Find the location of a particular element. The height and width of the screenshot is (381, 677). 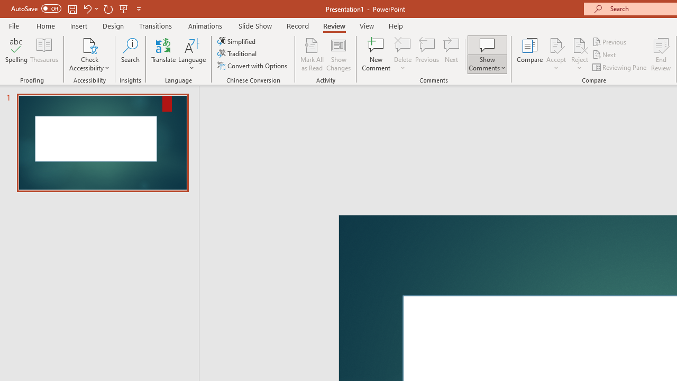

'Reviewing Pane' is located at coordinates (620, 67).